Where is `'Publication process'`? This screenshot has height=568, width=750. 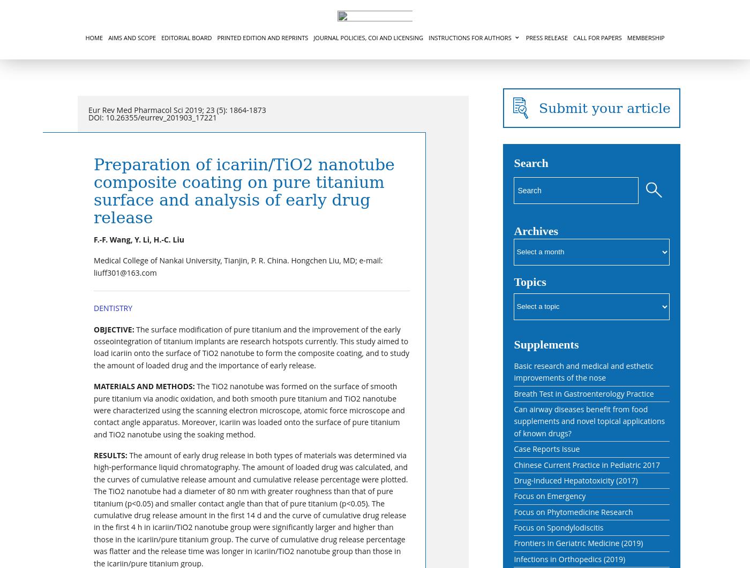 'Publication process' is located at coordinates (436, 115).